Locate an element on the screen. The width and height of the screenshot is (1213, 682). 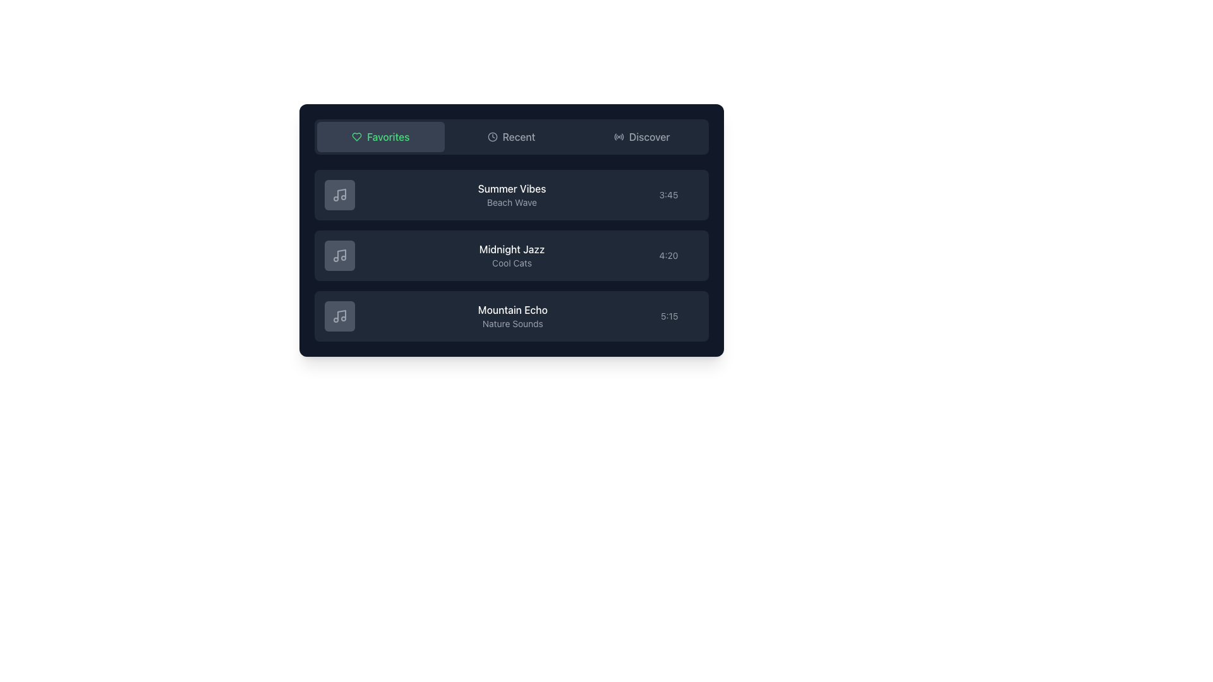
the audio track card titled 'Mountain Echo' is located at coordinates (511, 316).